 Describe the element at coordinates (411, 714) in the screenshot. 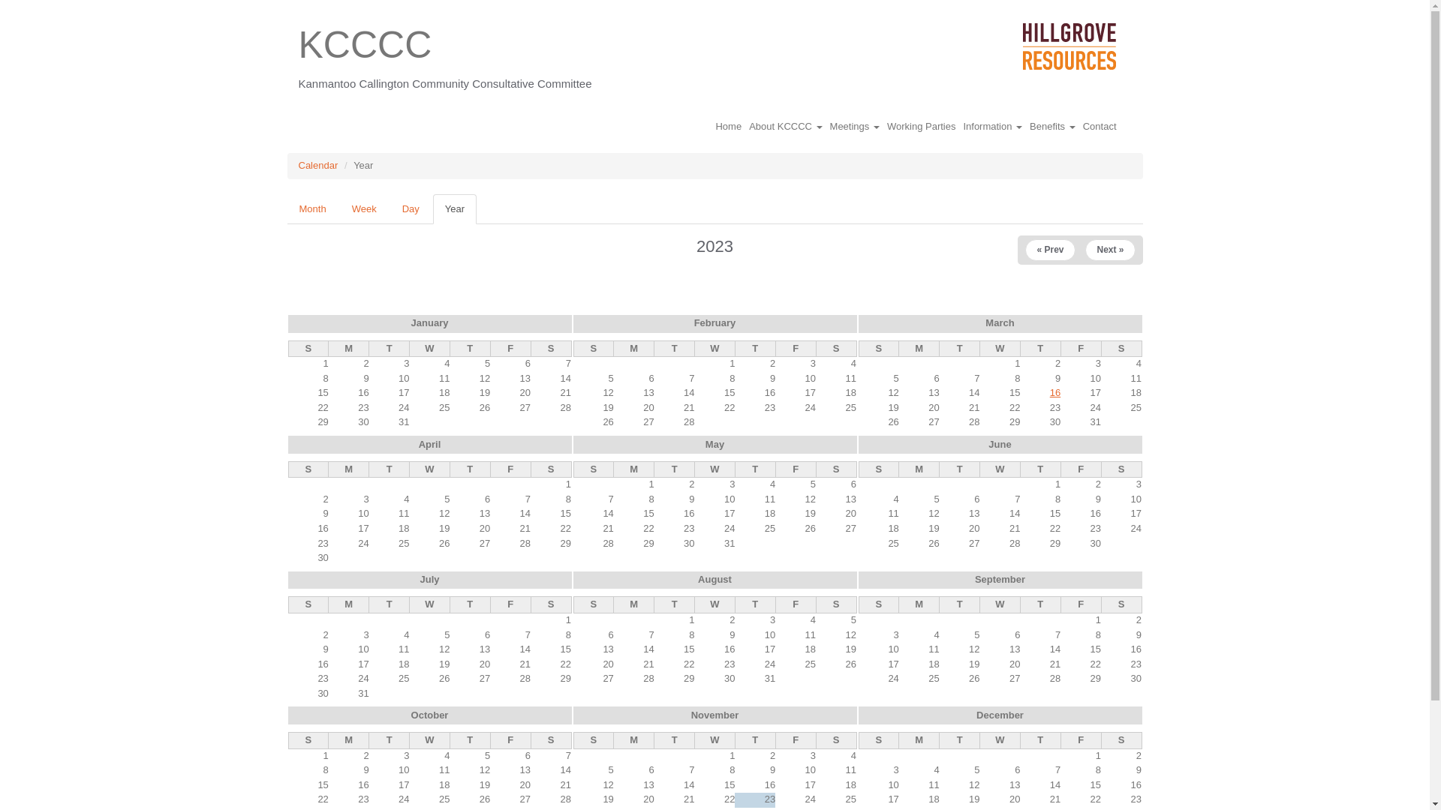

I see `'October'` at that location.